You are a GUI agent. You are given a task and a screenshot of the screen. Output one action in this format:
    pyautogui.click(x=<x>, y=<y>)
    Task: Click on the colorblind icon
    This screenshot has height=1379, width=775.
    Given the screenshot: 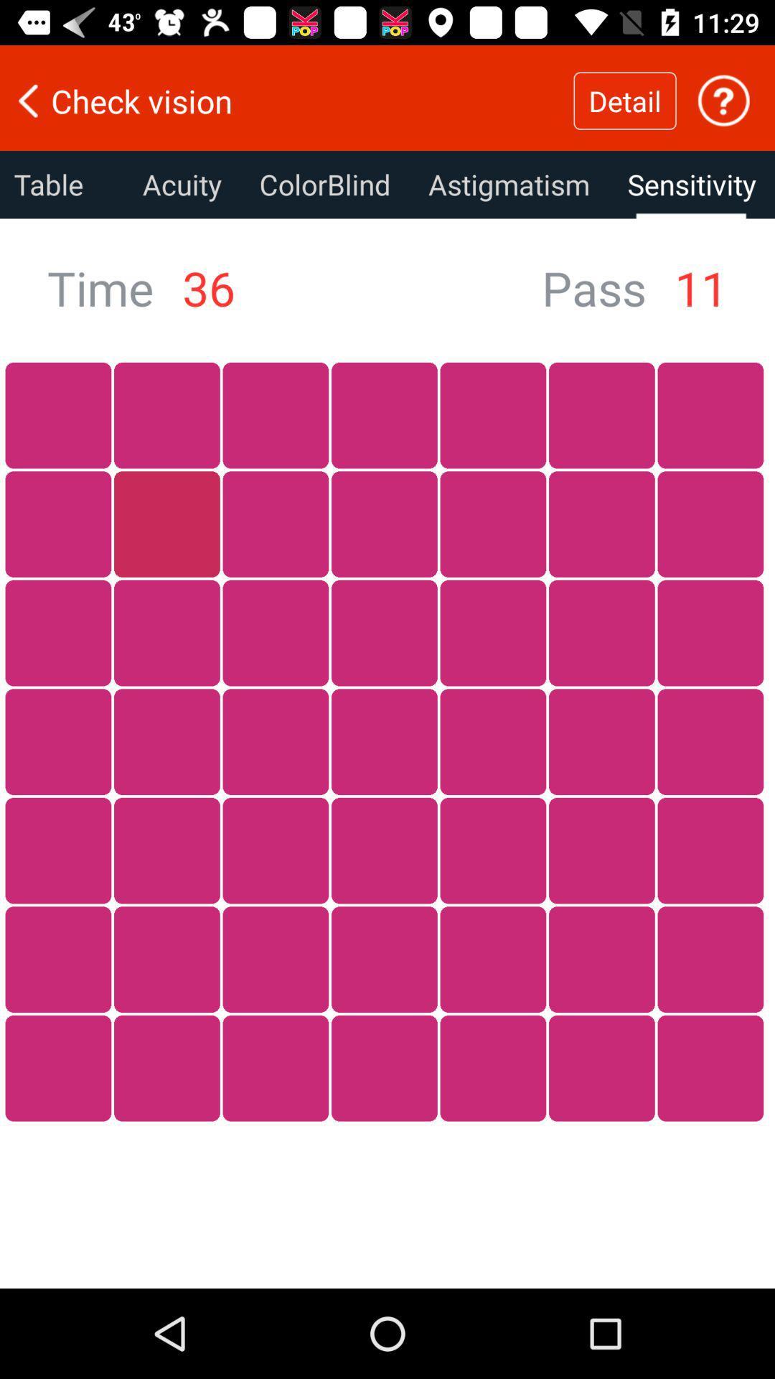 What is the action you would take?
    pyautogui.click(x=324, y=184)
    